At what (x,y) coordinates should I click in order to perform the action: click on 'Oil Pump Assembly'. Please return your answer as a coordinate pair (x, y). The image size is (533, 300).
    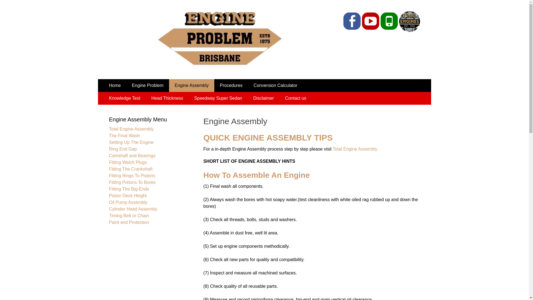
    Looking at the image, I should click on (128, 202).